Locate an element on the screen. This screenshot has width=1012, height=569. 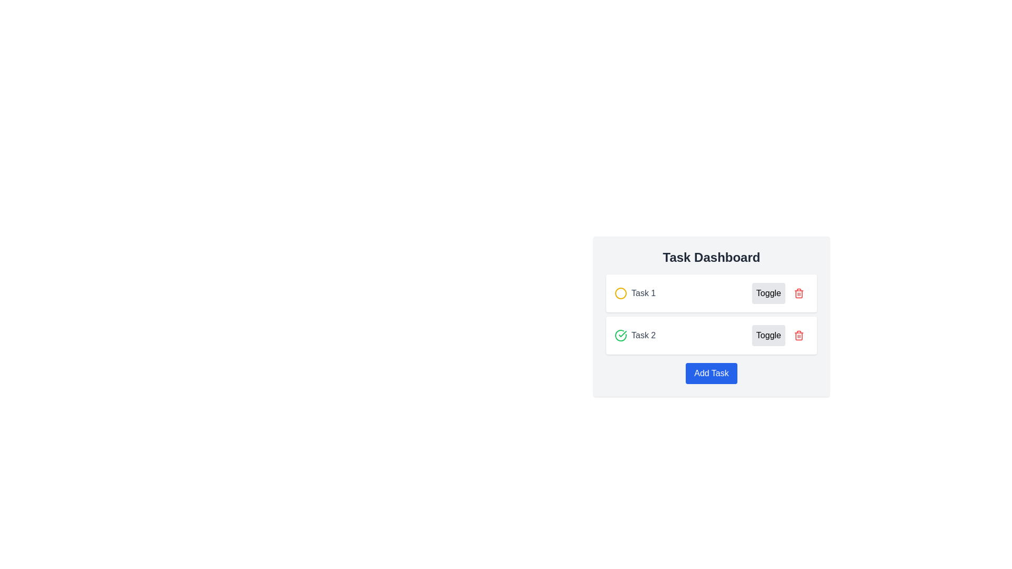
the red trash bin icon button located on the right side of the 'Toggle' elements in the task list for 'Task 1' is located at coordinates (799, 293).